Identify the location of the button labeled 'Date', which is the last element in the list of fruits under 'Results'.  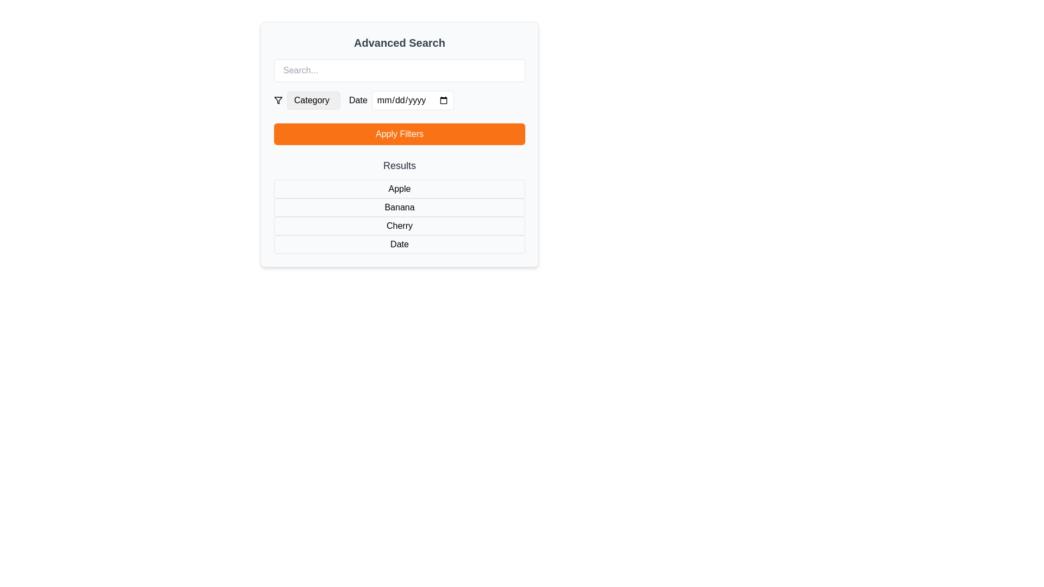
(399, 245).